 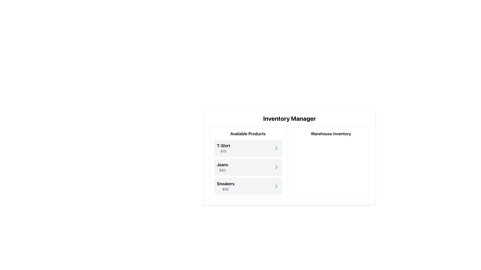 What do you see at coordinates (225, 186) in the screenshot?
I see `the third product listing card displaying 'Sneakers' and priced at '$60'` at bounding box center [225, 186].